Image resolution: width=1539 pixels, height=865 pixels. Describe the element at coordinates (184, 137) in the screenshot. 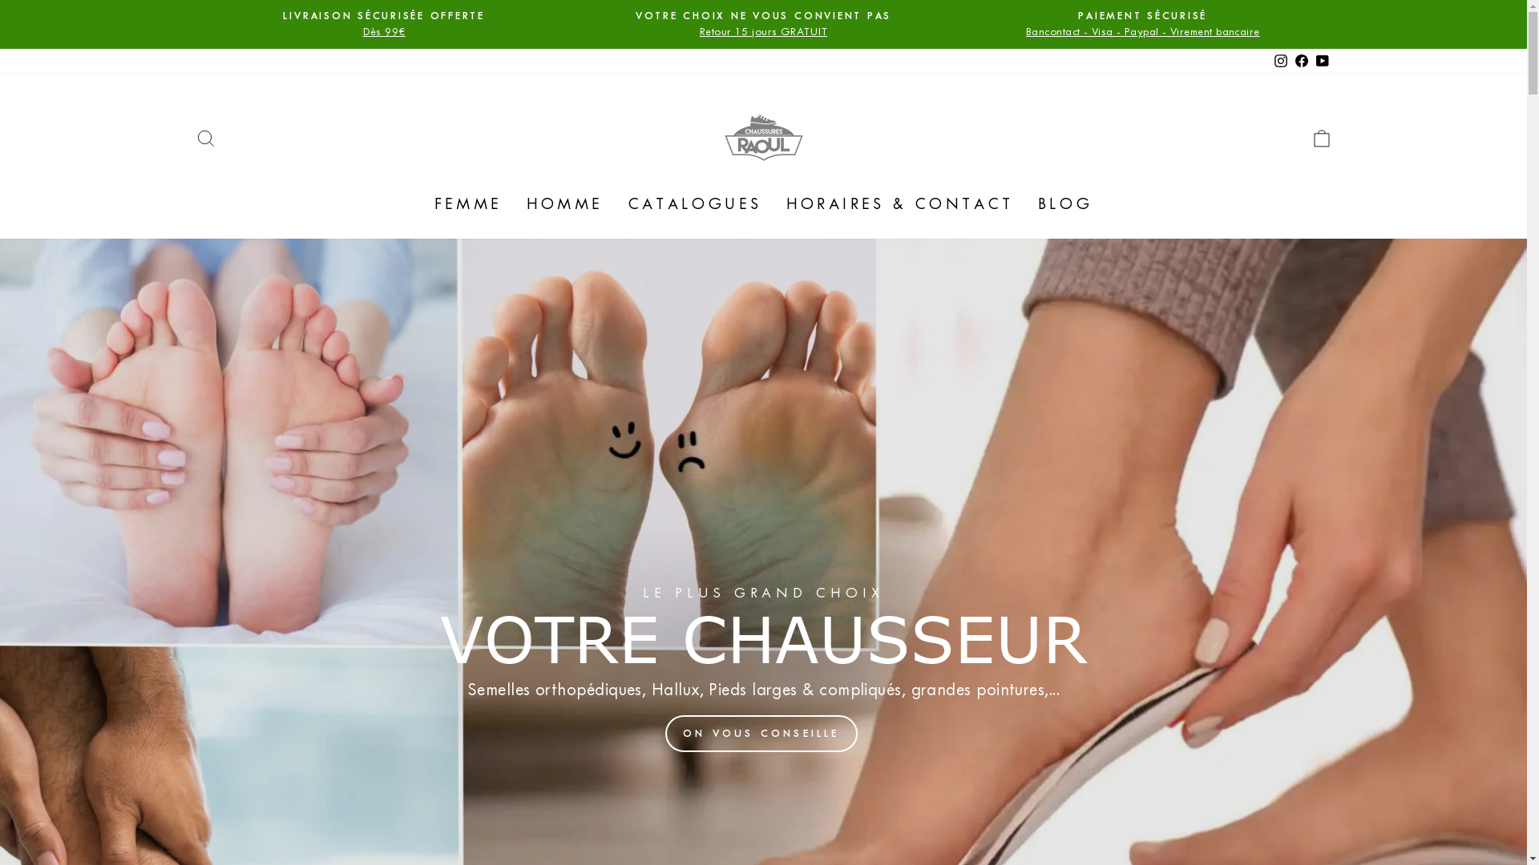

I see `'RECHERCHER'` at that location.